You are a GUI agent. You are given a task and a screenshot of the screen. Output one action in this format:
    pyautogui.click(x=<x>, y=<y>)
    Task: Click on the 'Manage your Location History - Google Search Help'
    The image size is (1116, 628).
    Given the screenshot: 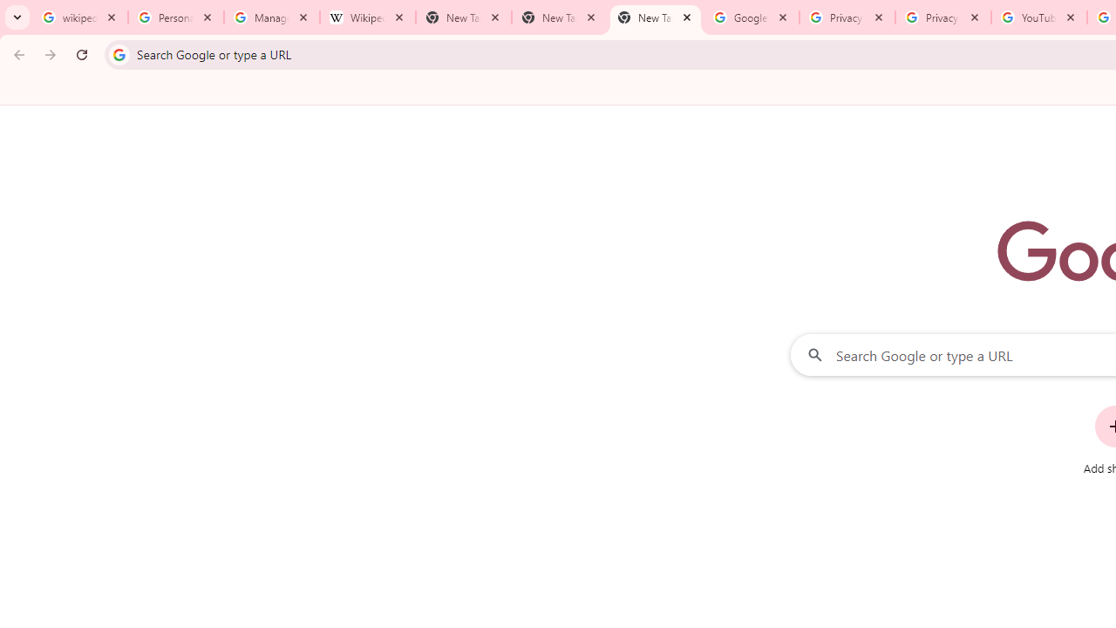 What is the action you would take?
    pyautogui.click(x=271, y=17)
    